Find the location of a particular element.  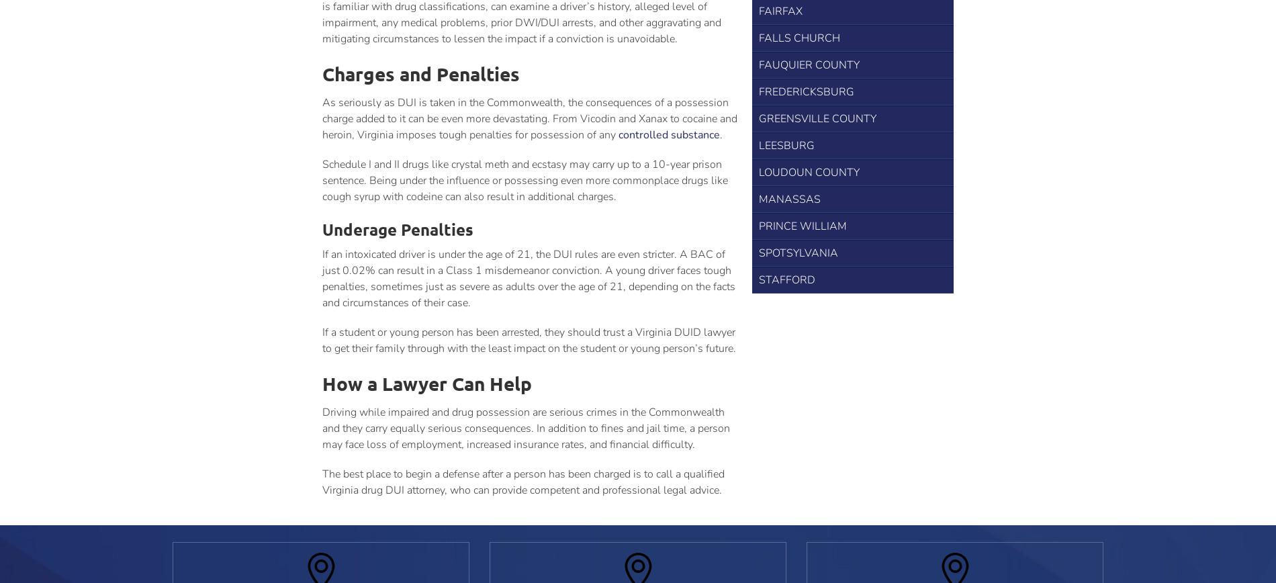

'As seriously as DUI is taken in the Commonwealth, the consequences of a possession charge added to it can be even more devastating. From Vicodin and Xanax to cocaine and heroin, Virginia imposes tough penalties for possession of any' is located at coordinates (529, 118).